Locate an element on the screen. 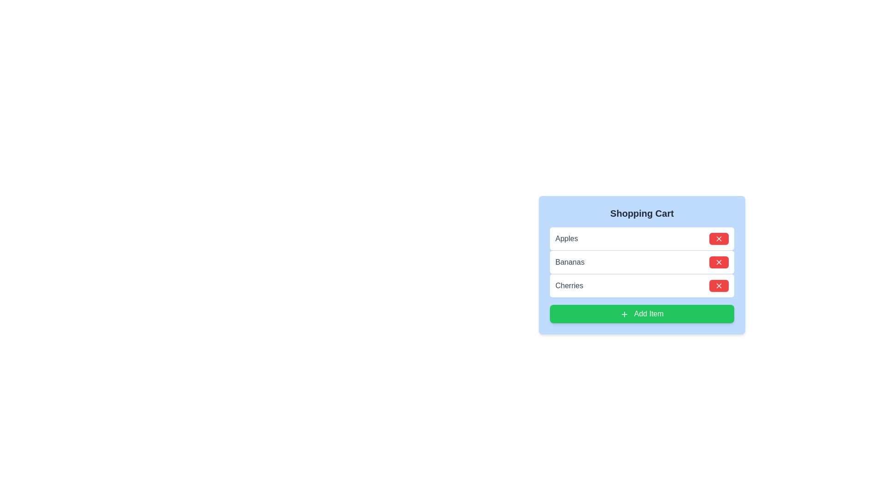  the Label/Text Display that shows the text 'Bananas' in a black sans-serif font against a white background, which is the second item in a vertically stacked list of items is located at coordinates (569, 262).